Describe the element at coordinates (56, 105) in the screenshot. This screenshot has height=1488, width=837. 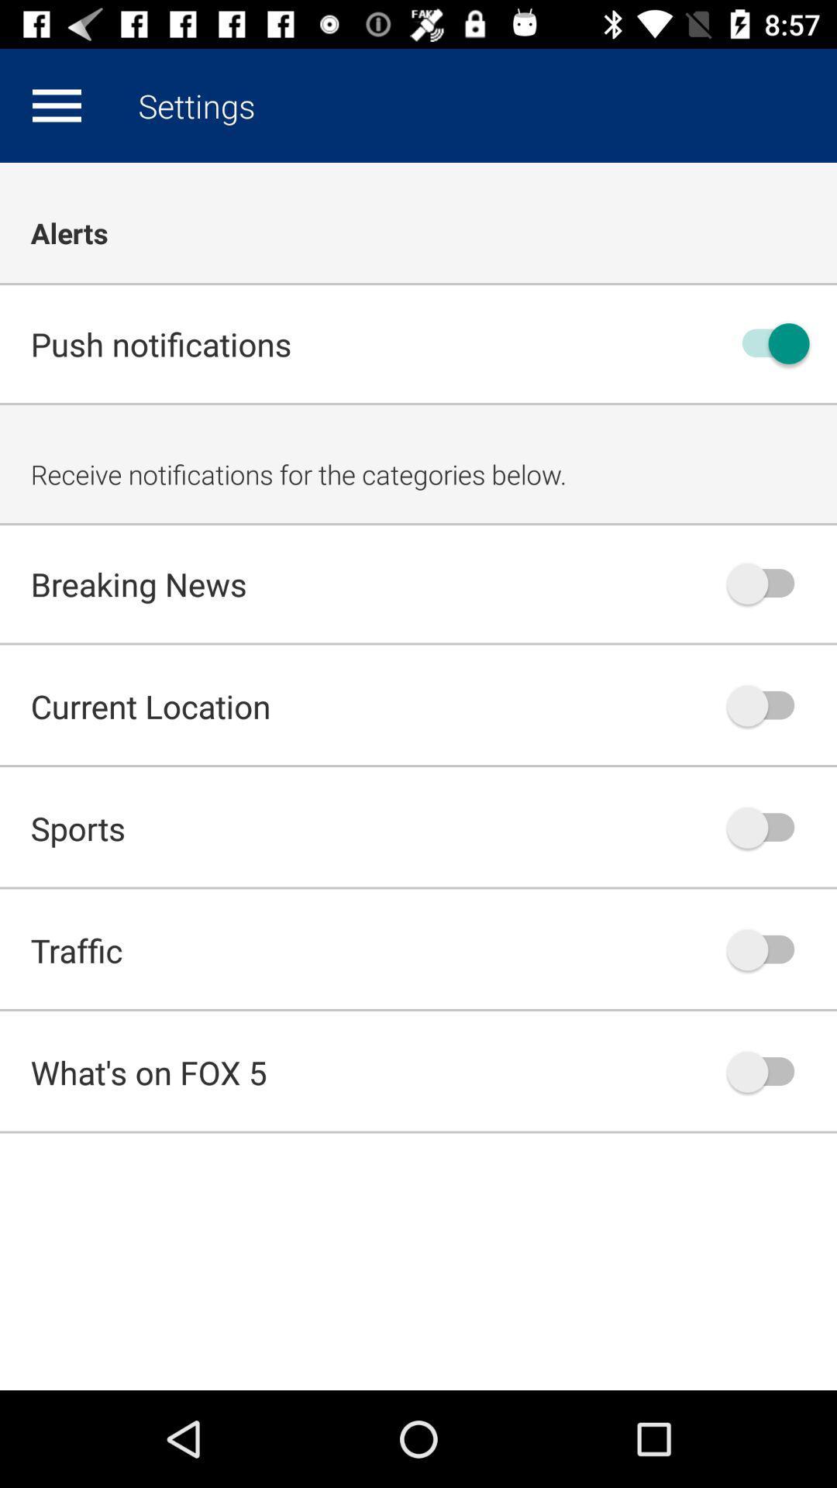
I see `settings on the fox 5 app` at that location.